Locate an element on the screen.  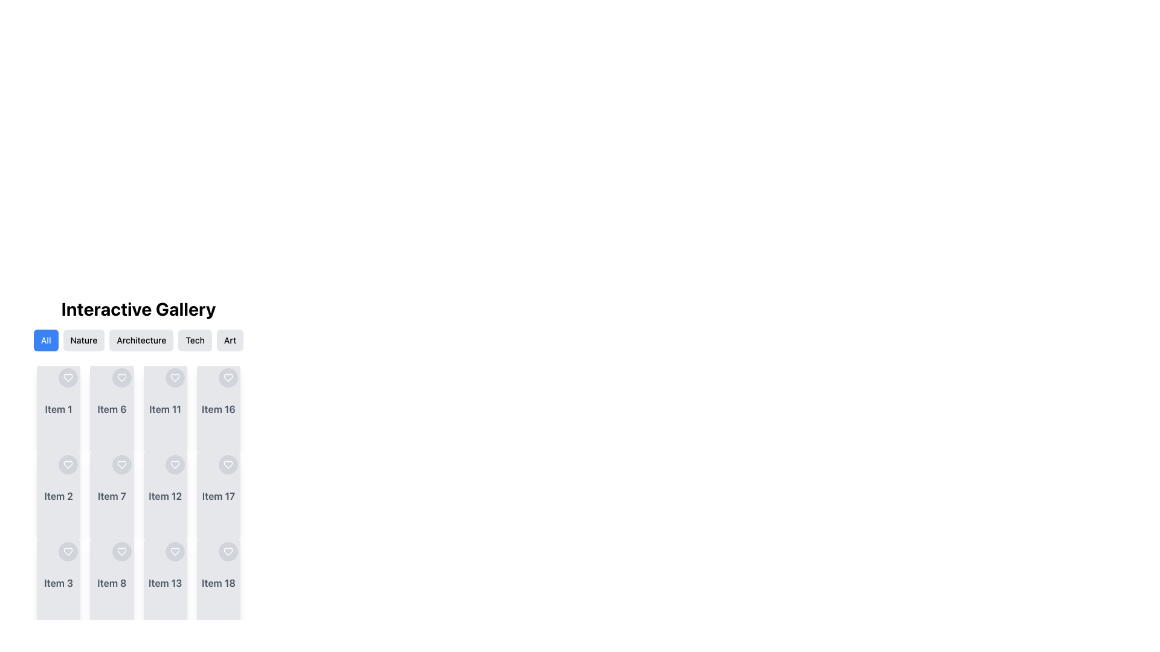
the button located at the bottom center of the card labeled 'Item 11' is located at coordinates (164, 409).